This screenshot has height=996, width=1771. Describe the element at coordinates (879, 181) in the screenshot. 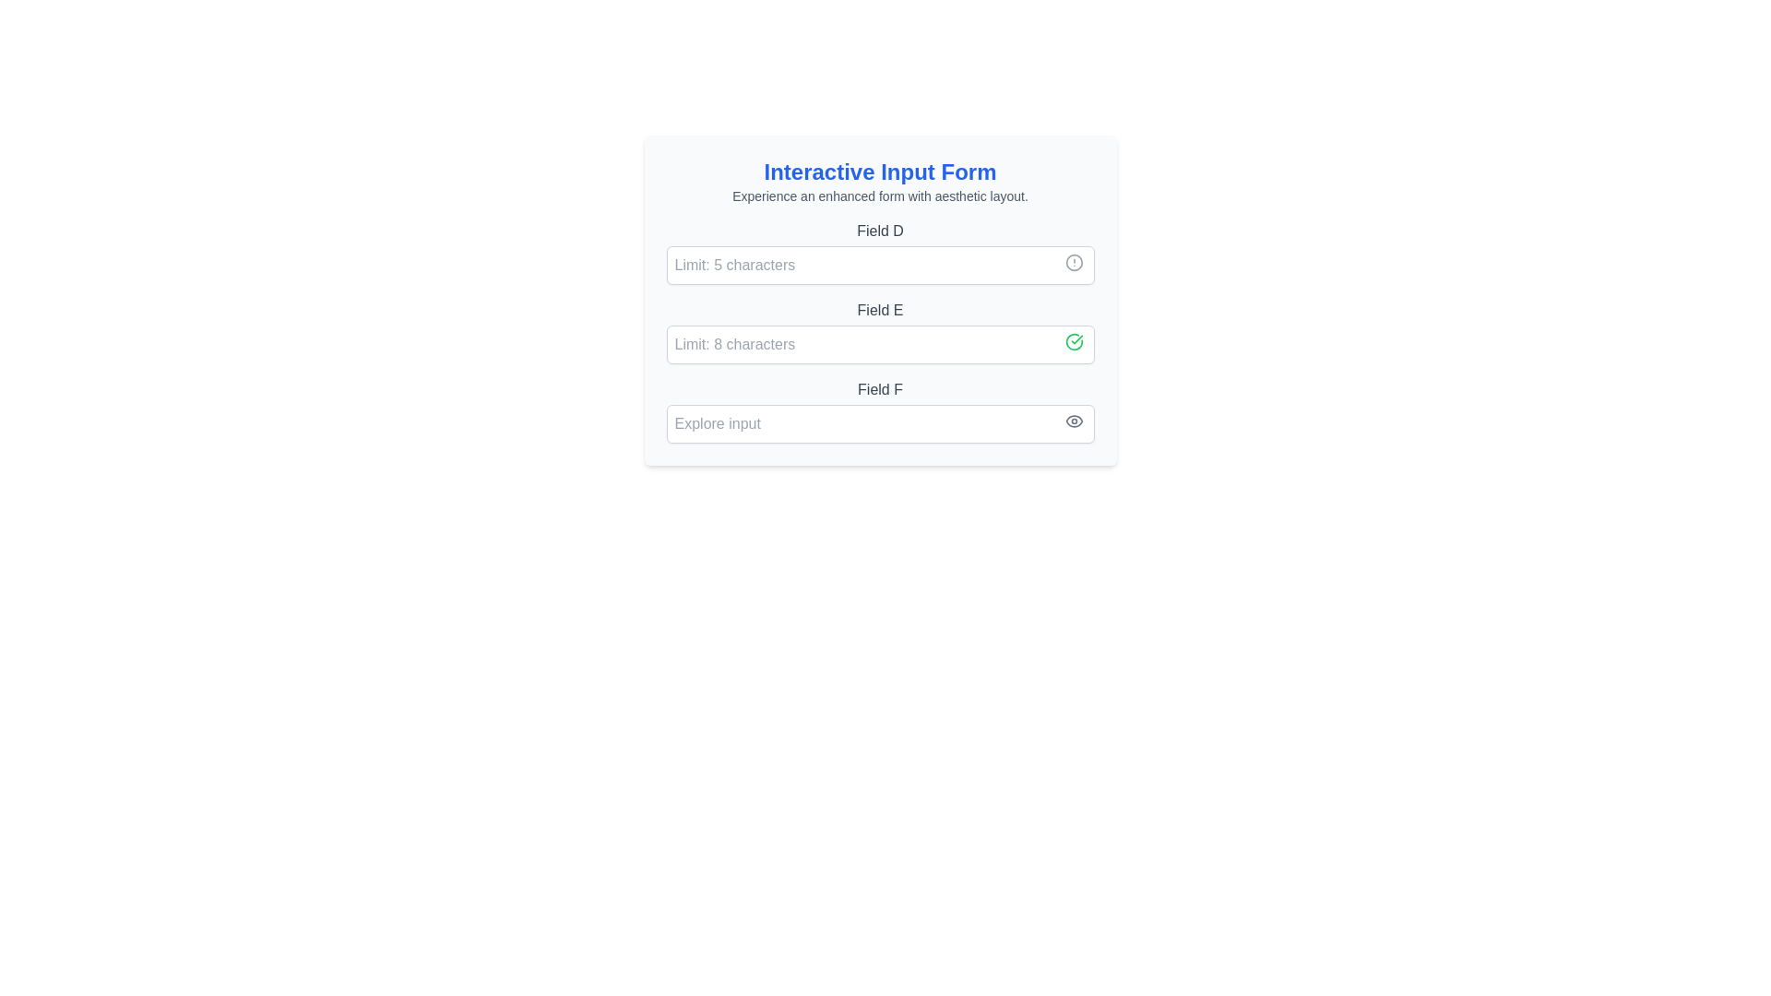

I see `the text display header with subtitle at the top of the form panel for accessibility` at that location.